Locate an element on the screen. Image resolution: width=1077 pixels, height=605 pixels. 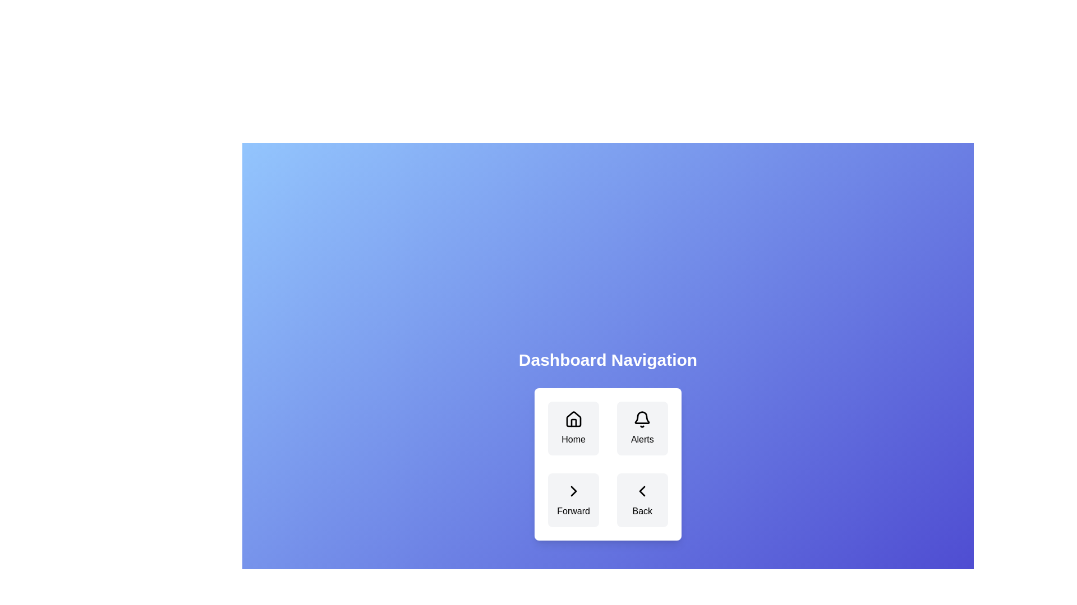
the button located in the upper-right section of the layout grid, specifically the second card in a 2x2 grid is located at coordinates (642, 428).